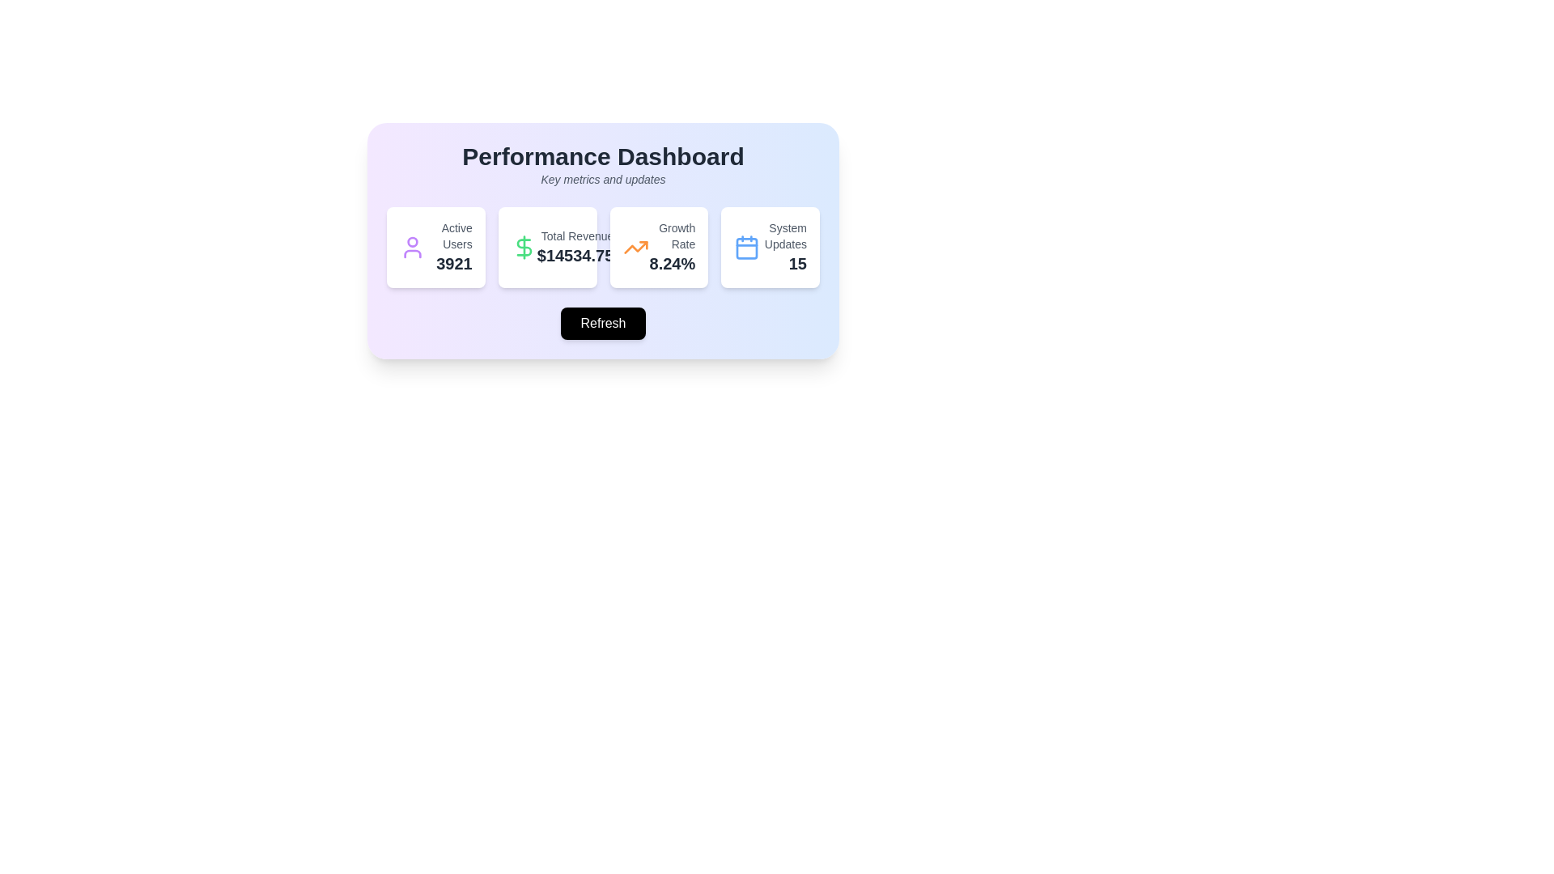 Image resolution: width=1554 pixels, height=874 pixels. Describe the element at coordinates (602, 324) in the screenshot. I see `the 'Refresh' button, which is a black rounded rectangular button with white text, centrally located beneath the metrics cards` at that location.